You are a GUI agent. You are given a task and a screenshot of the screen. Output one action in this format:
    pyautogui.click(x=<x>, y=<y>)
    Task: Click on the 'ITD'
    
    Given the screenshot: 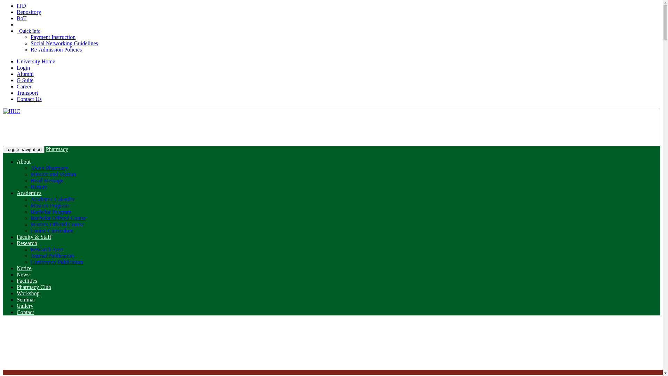 What is the action you would take?
    pyautogui.click(x=17, y=6)
    